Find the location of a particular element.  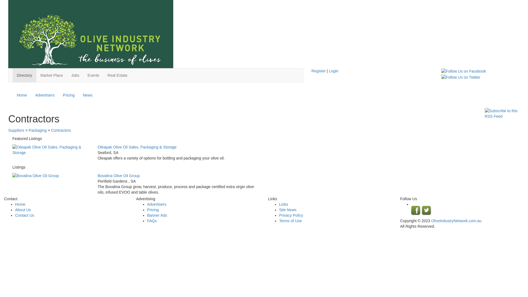

'Contractors' is located at coordinates (61, 130).